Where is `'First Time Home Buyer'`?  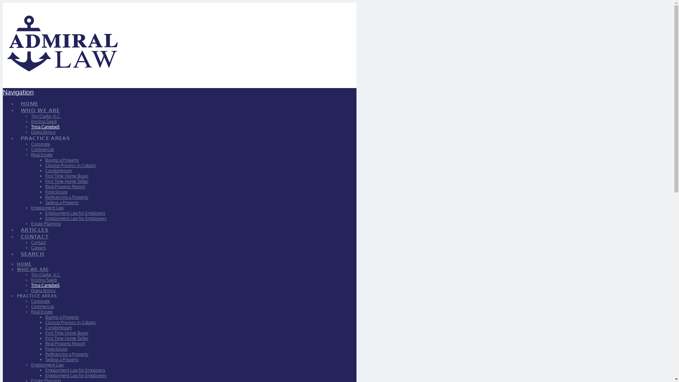 'First Time Home Buyer' is located at coordinates (45, 175).